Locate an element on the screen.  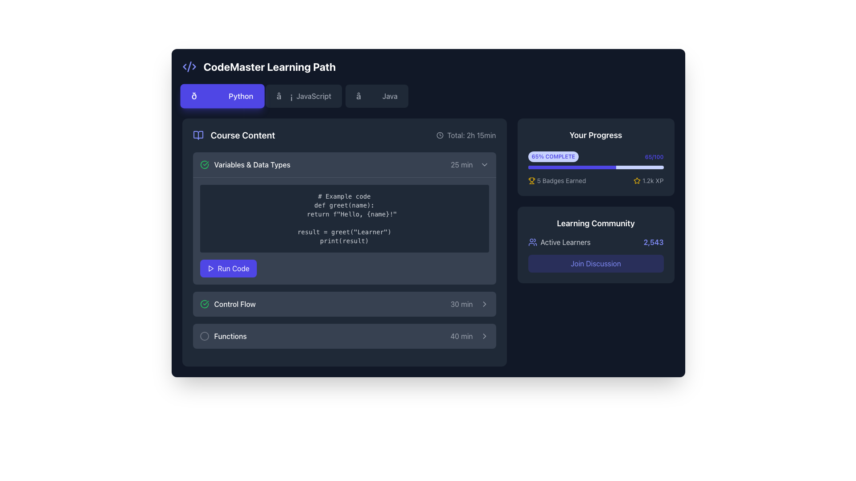
the labeled indicator with a green circle and check mark next to the text 'Variables & Data Types' is located at coordinates (245, 165).